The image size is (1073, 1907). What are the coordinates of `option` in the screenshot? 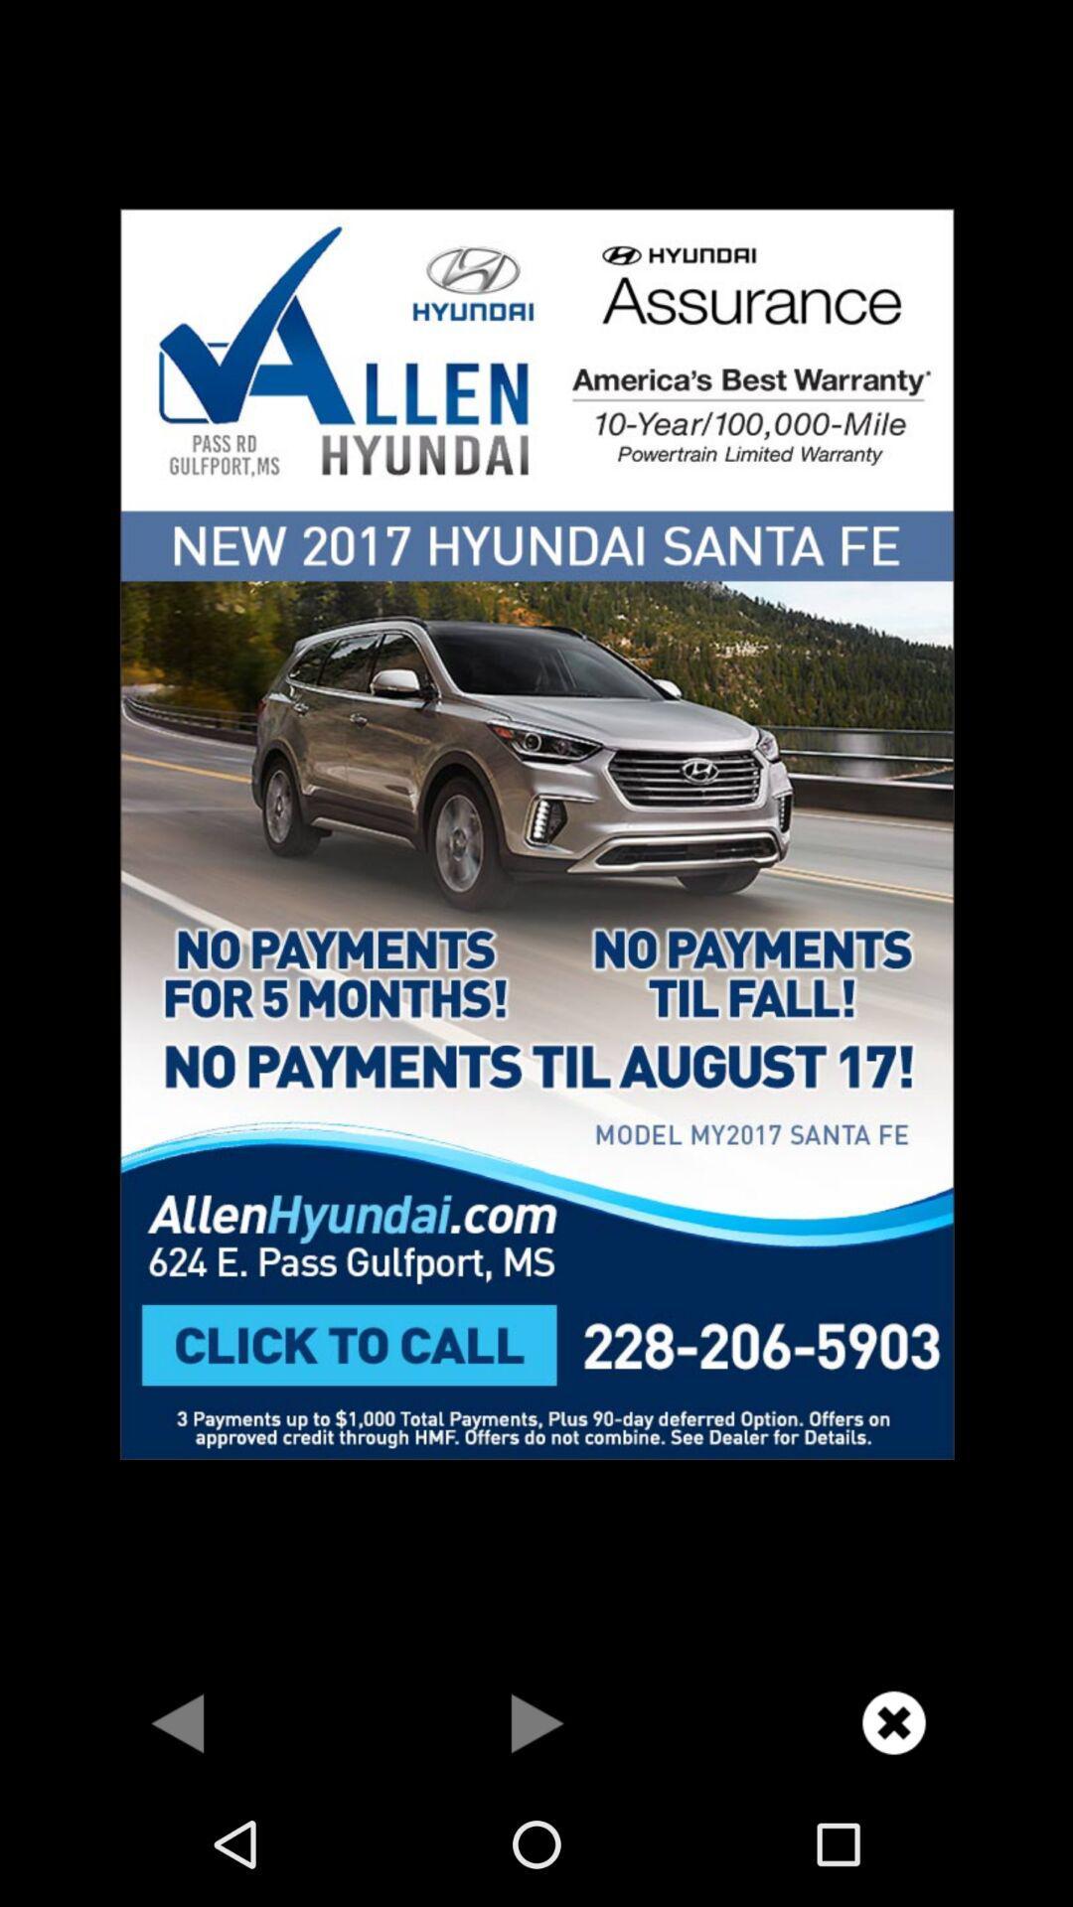 It's located at (536, 1721).